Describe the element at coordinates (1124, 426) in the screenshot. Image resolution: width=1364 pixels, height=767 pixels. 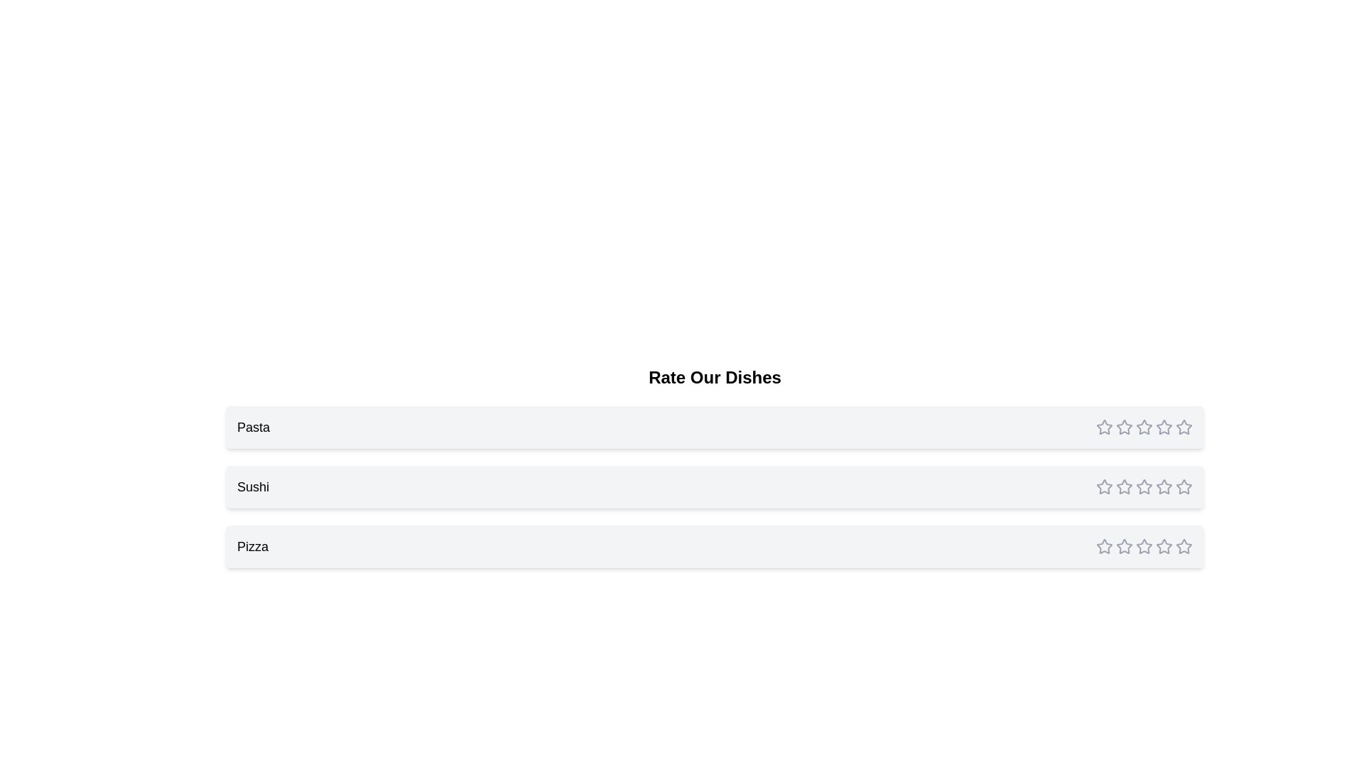
I see `the second star icon in the rating input system for the 'Pasta' row` at that location.